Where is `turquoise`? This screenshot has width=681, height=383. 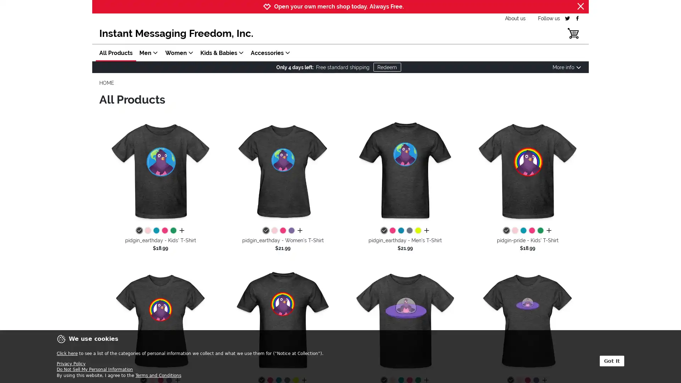 turquoise is located at coordinates (156, 231).